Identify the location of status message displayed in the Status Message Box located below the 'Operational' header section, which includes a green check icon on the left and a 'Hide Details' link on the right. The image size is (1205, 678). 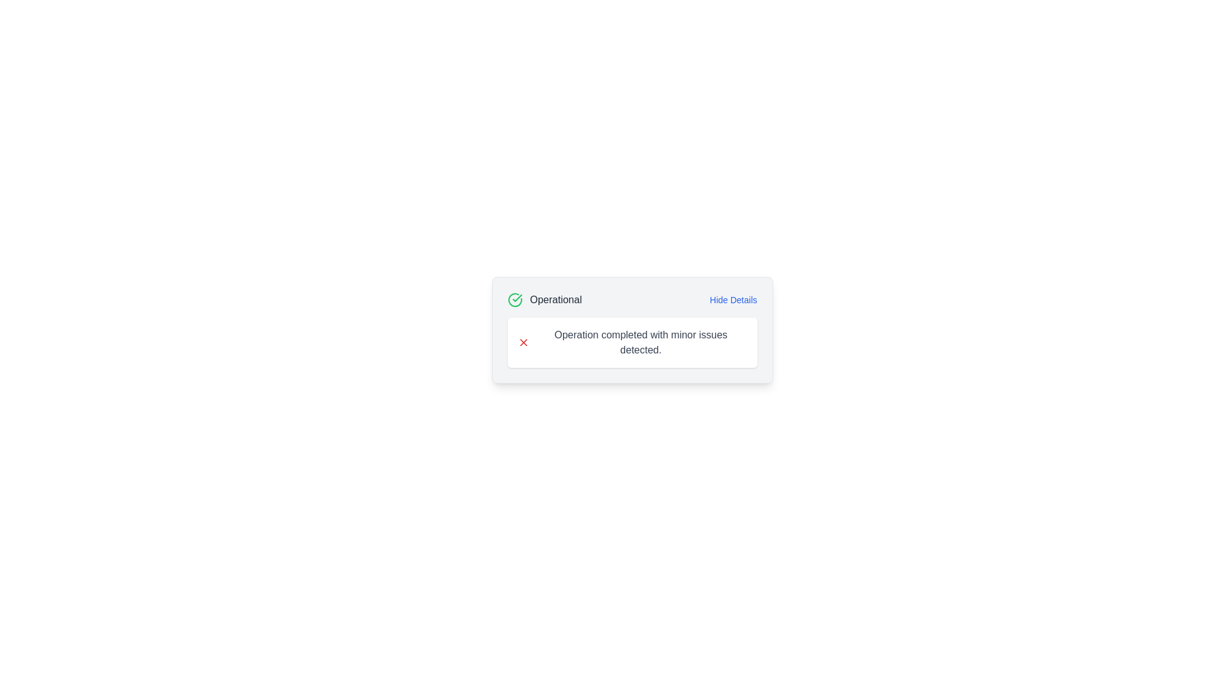
(632, 343).